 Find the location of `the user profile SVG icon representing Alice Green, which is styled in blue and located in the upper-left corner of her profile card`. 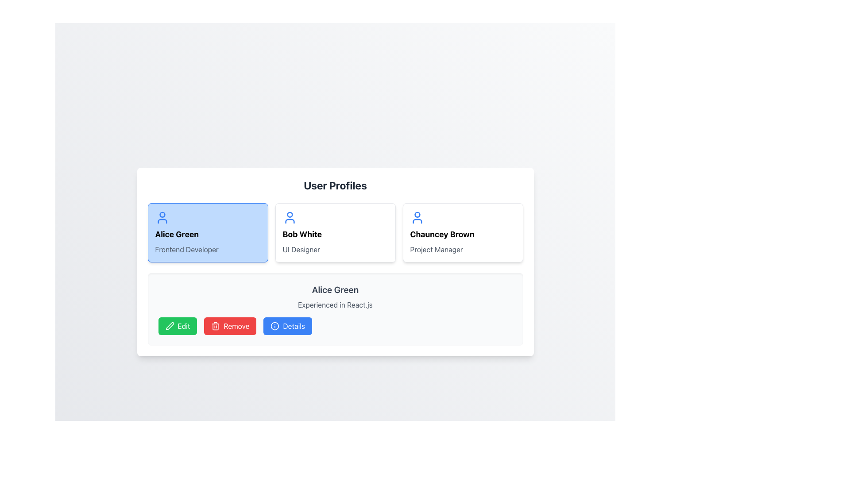

the user profile SVG icon representing Alice Green, which is styled in blue and located in the upper-left corner of her profile card is located at coordinates (162, 218).